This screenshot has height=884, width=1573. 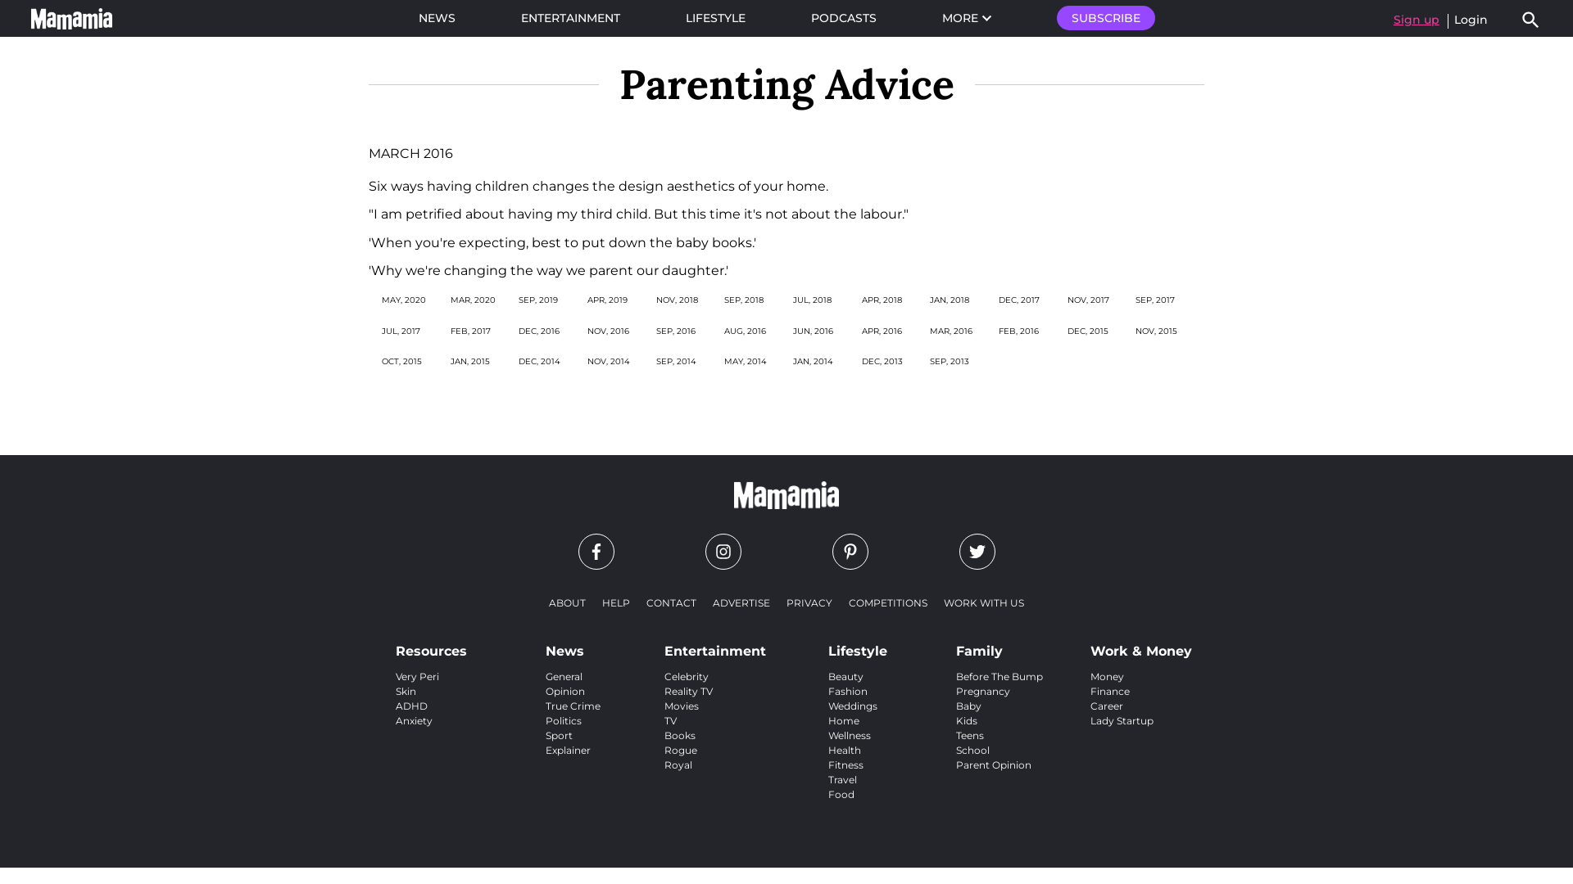 What do you see at coordinates (993, 764) in the screenshot?
I see `'Parent Opinion'` at bounding box center [993, 764].